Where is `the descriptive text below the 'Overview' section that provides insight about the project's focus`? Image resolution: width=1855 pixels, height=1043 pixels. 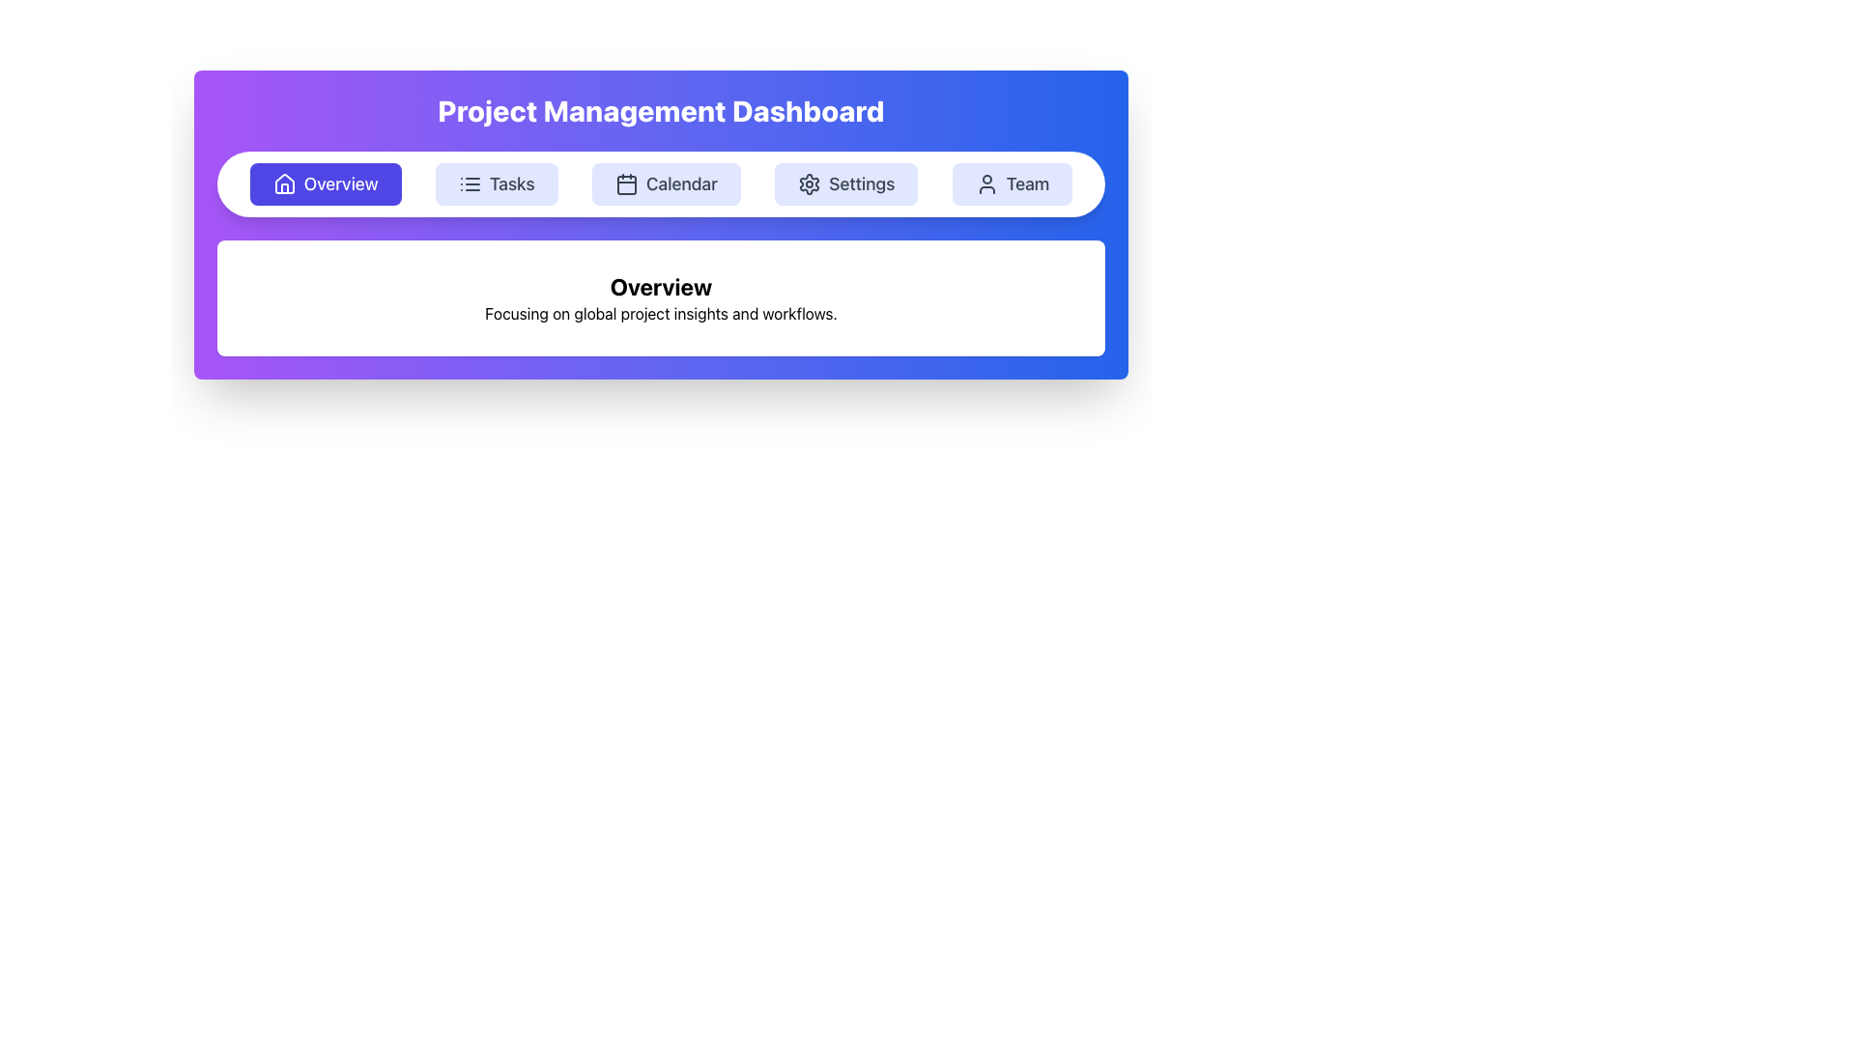
the descriptive text below the 'Overview' section that provides insight about the project's focus is located at coordinates (661, 312).